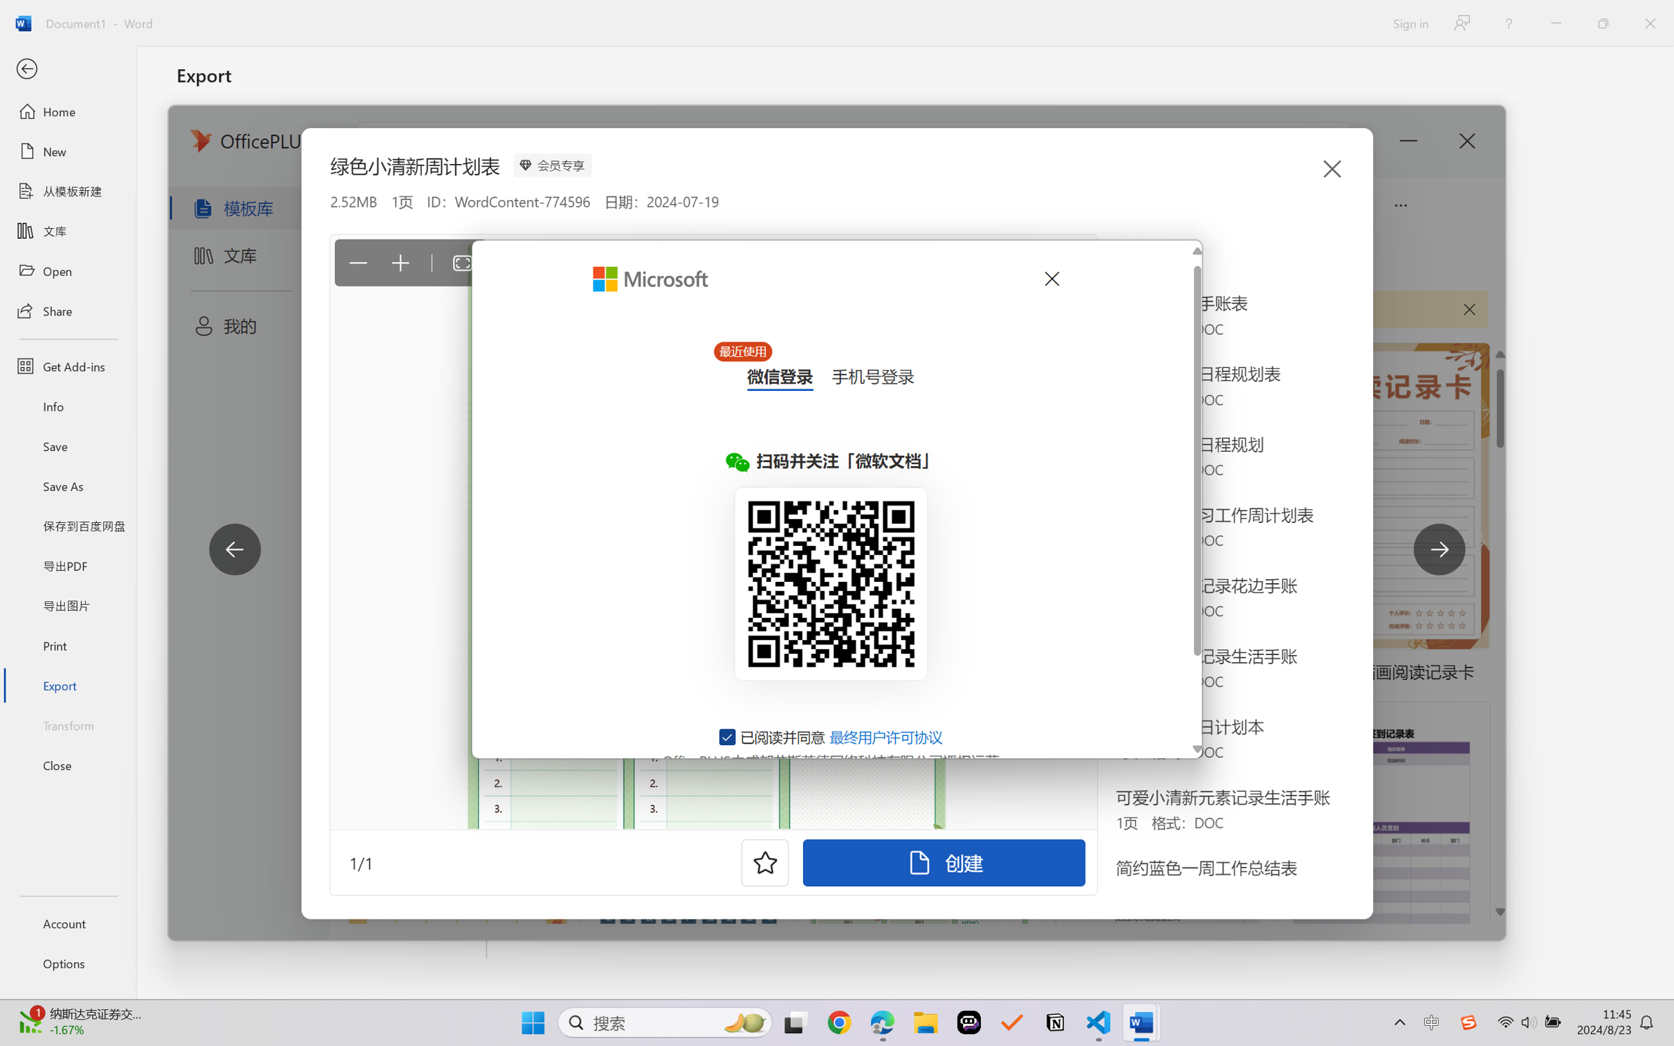 The width and height of the screenshot is (1674, 1046). What do you see at coordinates (1050, 278) in the screenshot?
I see `'Cancel'` at bounding box center [1050, 278].